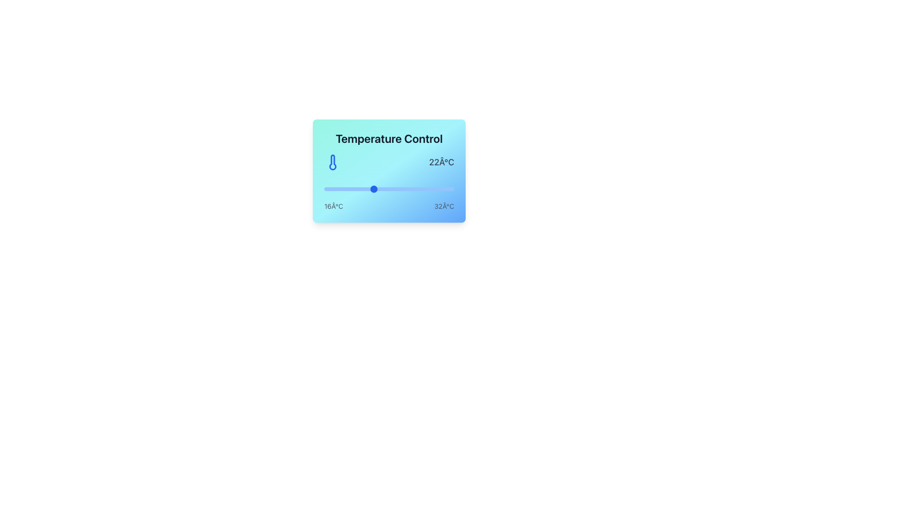 This screenshot has width=917, height=516. What do you see at coordinates (441, 161) in the screenshot?
I see `the static text label displaying '22Â°C' on the right side of the temperature slider interface` at bounding box center [441, 161].